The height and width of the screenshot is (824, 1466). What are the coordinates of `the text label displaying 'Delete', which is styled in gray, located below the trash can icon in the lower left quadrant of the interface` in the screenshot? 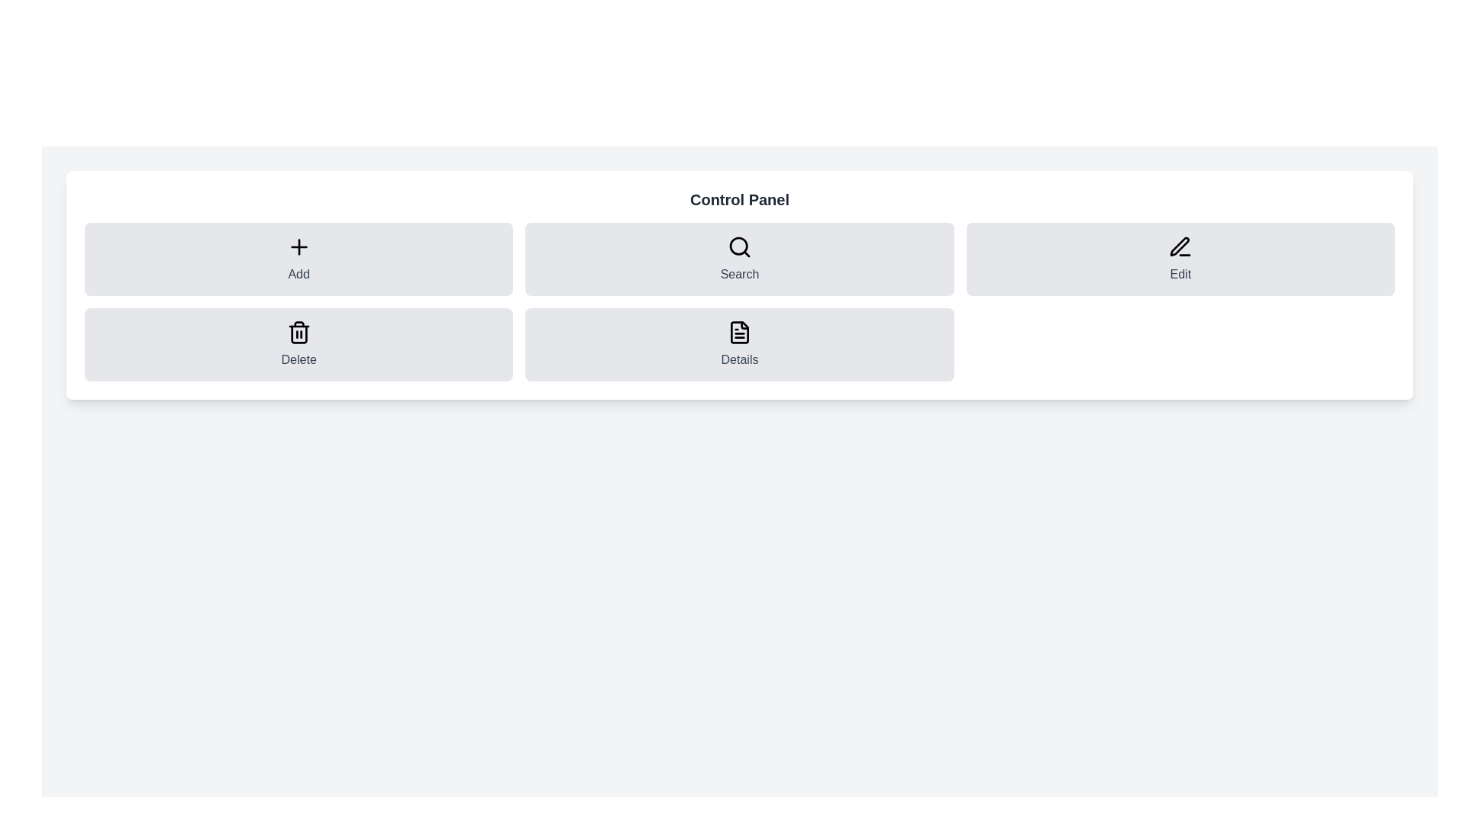 It's located at (299, 359).